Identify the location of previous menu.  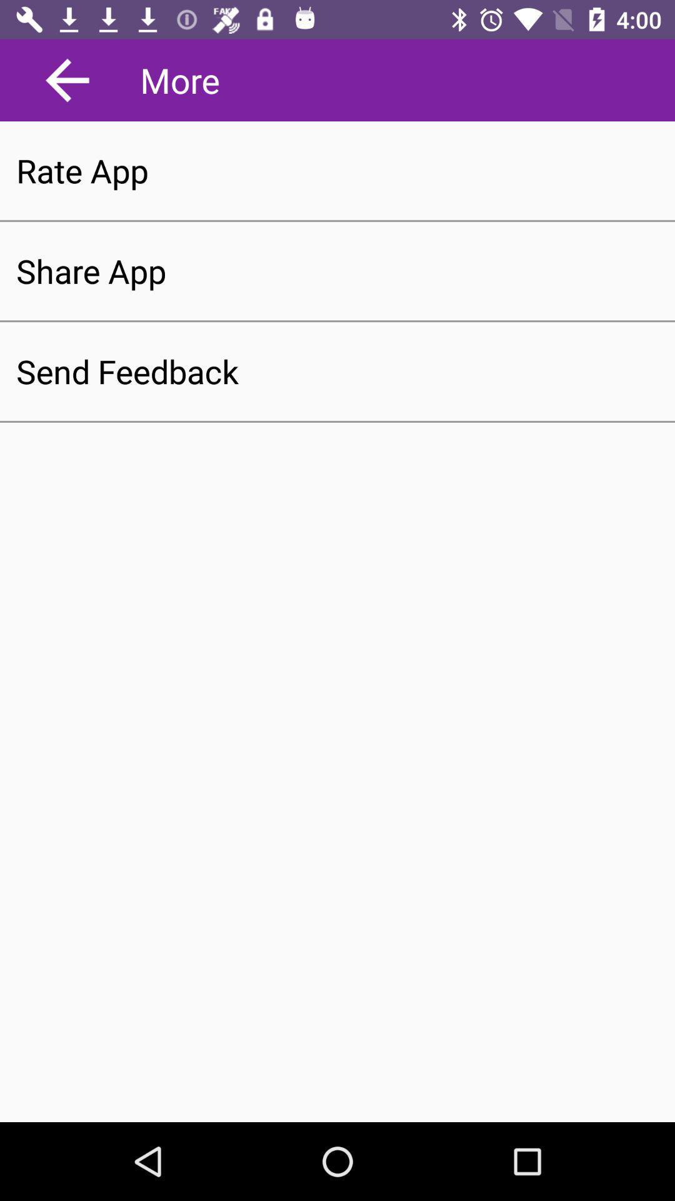
(67, 79).